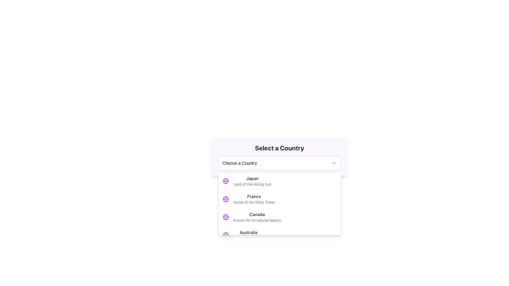  Describe the element at coordinates (226, 235) in the screenshot. I see `the globe icon with a circular frame and intersecting arcs, which is located to the left of the text 'Australia' in the last item of a dropdown list` at that location.